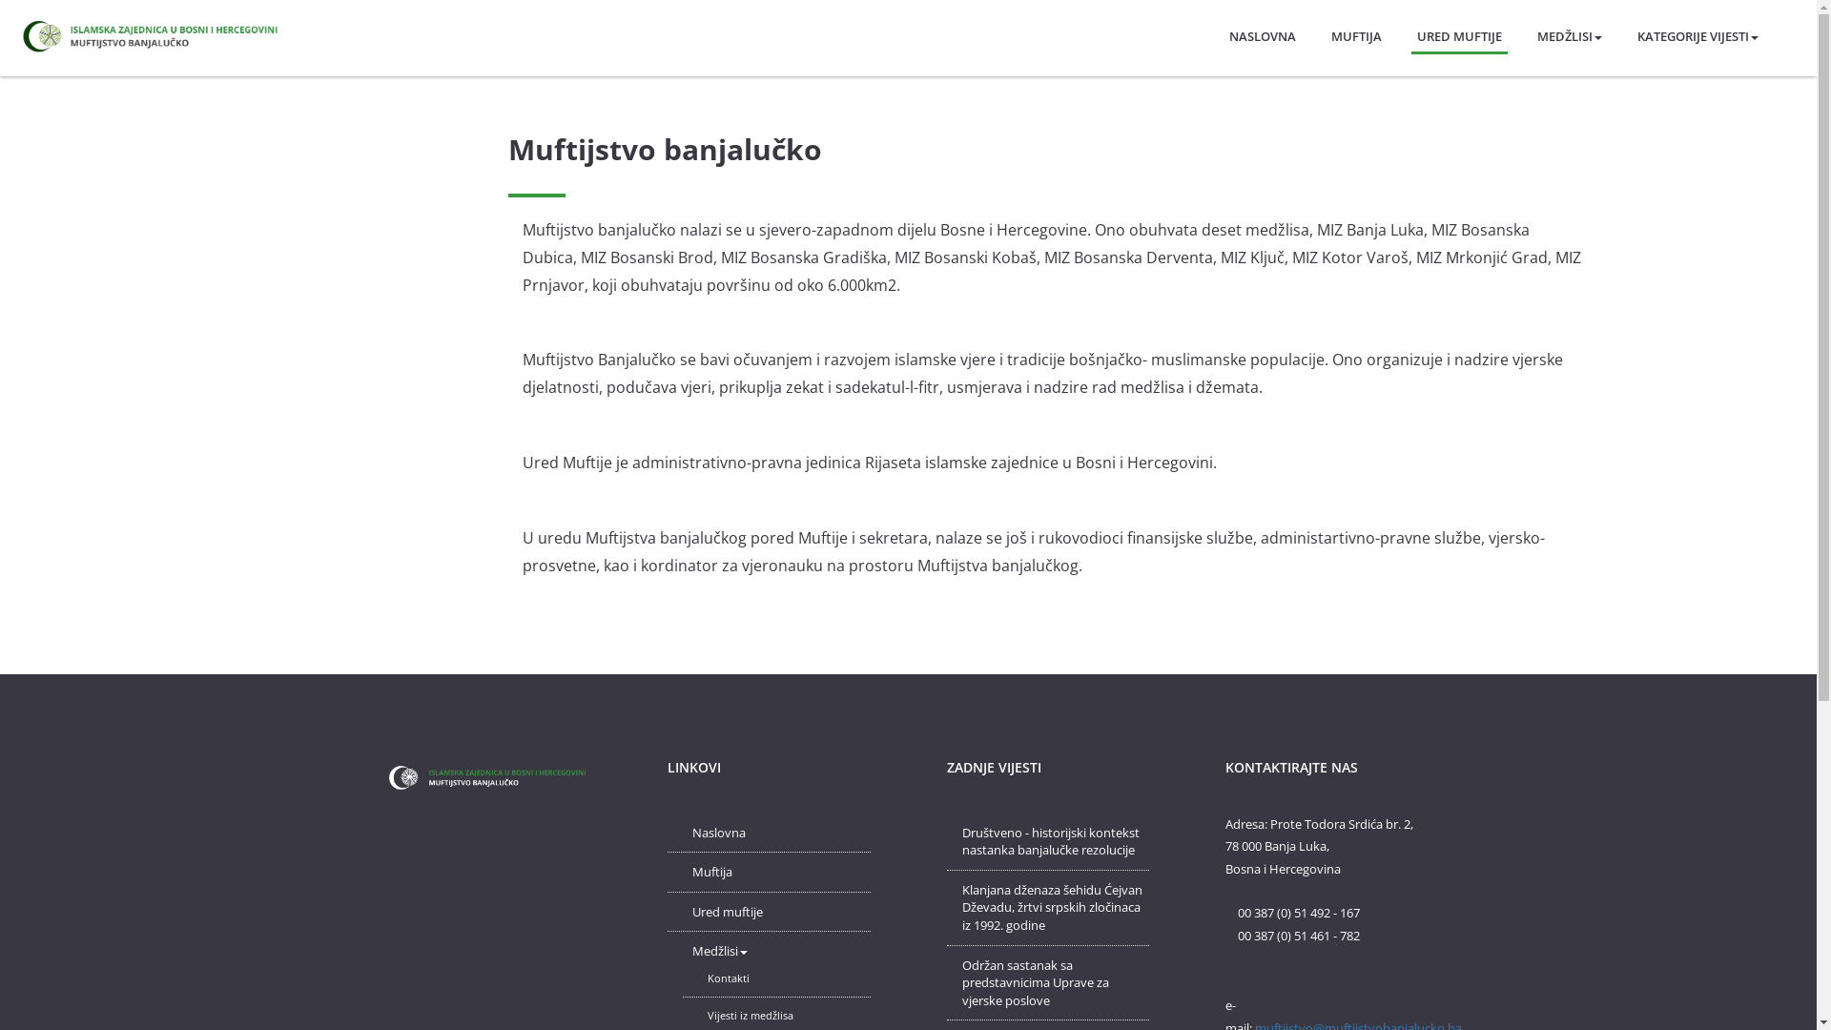 The width and height of the screenshot is (1831, 1030). I want to click on 'URED MUFTIJE', so click(1458, 32).